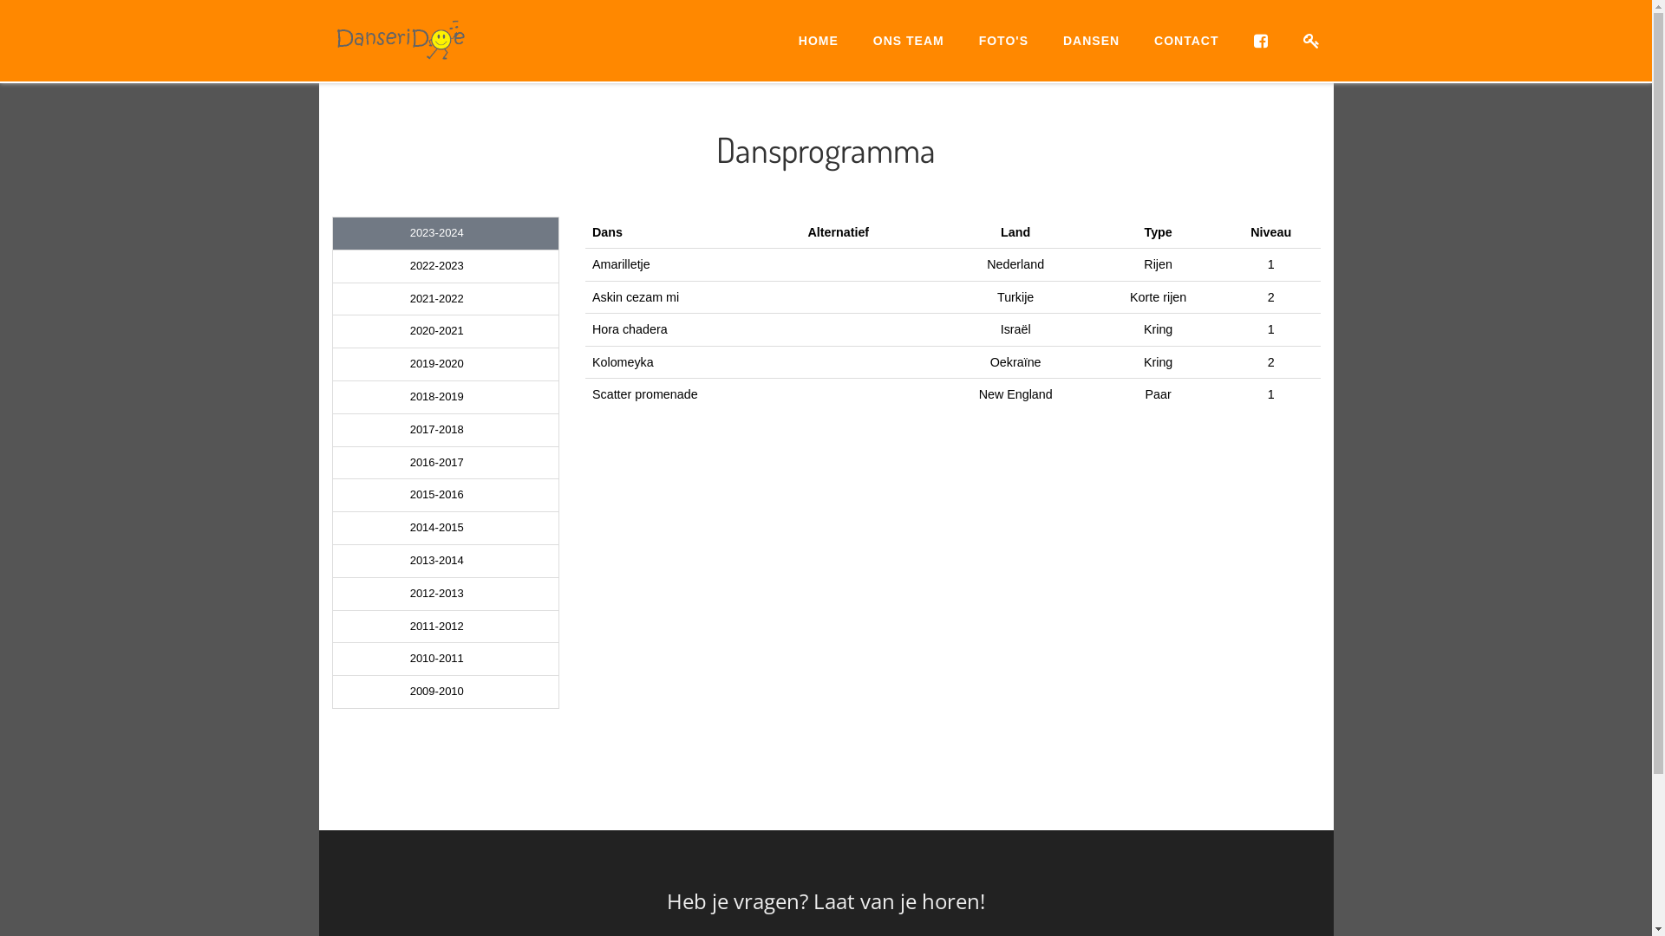  What do you see at coordinates (333, 627) in the screenshot?
I see `'2011-2012'` at bounding box center [333, 627].